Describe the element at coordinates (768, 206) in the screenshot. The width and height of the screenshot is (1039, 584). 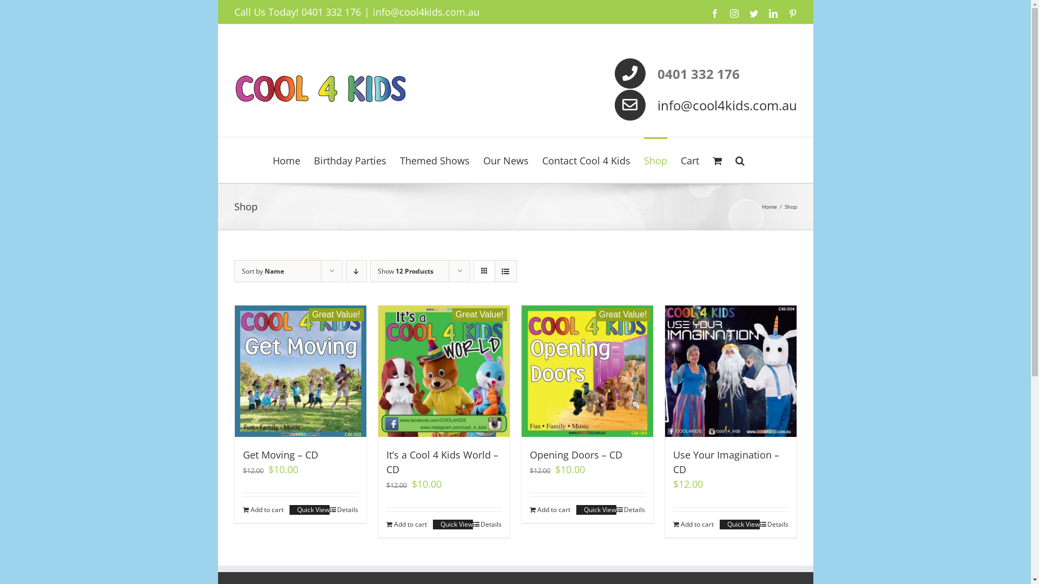
I see `'Home'` at that location.